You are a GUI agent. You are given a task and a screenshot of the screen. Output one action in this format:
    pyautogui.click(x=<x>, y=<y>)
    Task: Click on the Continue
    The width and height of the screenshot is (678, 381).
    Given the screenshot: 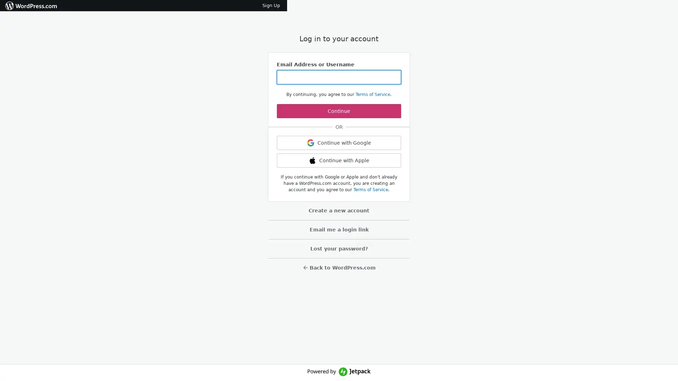 What is the action you would take?
    pyautogui.click(x=339, y=111)
    